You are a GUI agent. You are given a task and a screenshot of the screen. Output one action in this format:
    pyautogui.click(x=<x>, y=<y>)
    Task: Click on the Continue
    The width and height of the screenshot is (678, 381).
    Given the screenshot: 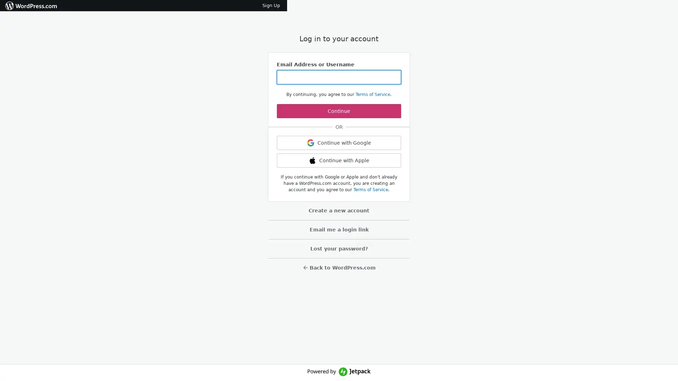 What is the action you would take?
    pyautogui.click(x=339, y=111)
    